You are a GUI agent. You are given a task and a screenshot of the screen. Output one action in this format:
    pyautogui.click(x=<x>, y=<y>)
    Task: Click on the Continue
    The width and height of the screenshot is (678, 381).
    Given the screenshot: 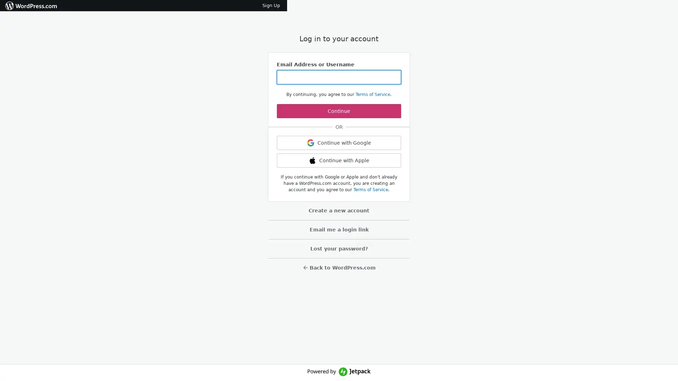 What is the action you would take?
    pyautogui.click(x=339, y=111)
    